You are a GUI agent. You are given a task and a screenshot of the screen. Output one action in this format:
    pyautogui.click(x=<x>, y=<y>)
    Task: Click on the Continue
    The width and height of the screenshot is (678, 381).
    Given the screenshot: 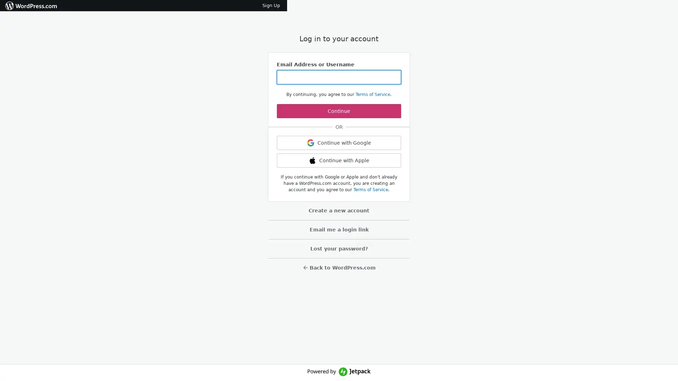 What is the action you would take?
    pyautogui.click(x=339, y=111)
    